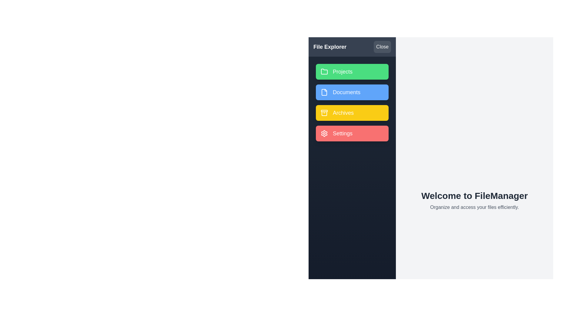  Describe the element at coordinates (352, 133) in the screenshot. I see `the Settings button to navigate to the respective section` at that location.